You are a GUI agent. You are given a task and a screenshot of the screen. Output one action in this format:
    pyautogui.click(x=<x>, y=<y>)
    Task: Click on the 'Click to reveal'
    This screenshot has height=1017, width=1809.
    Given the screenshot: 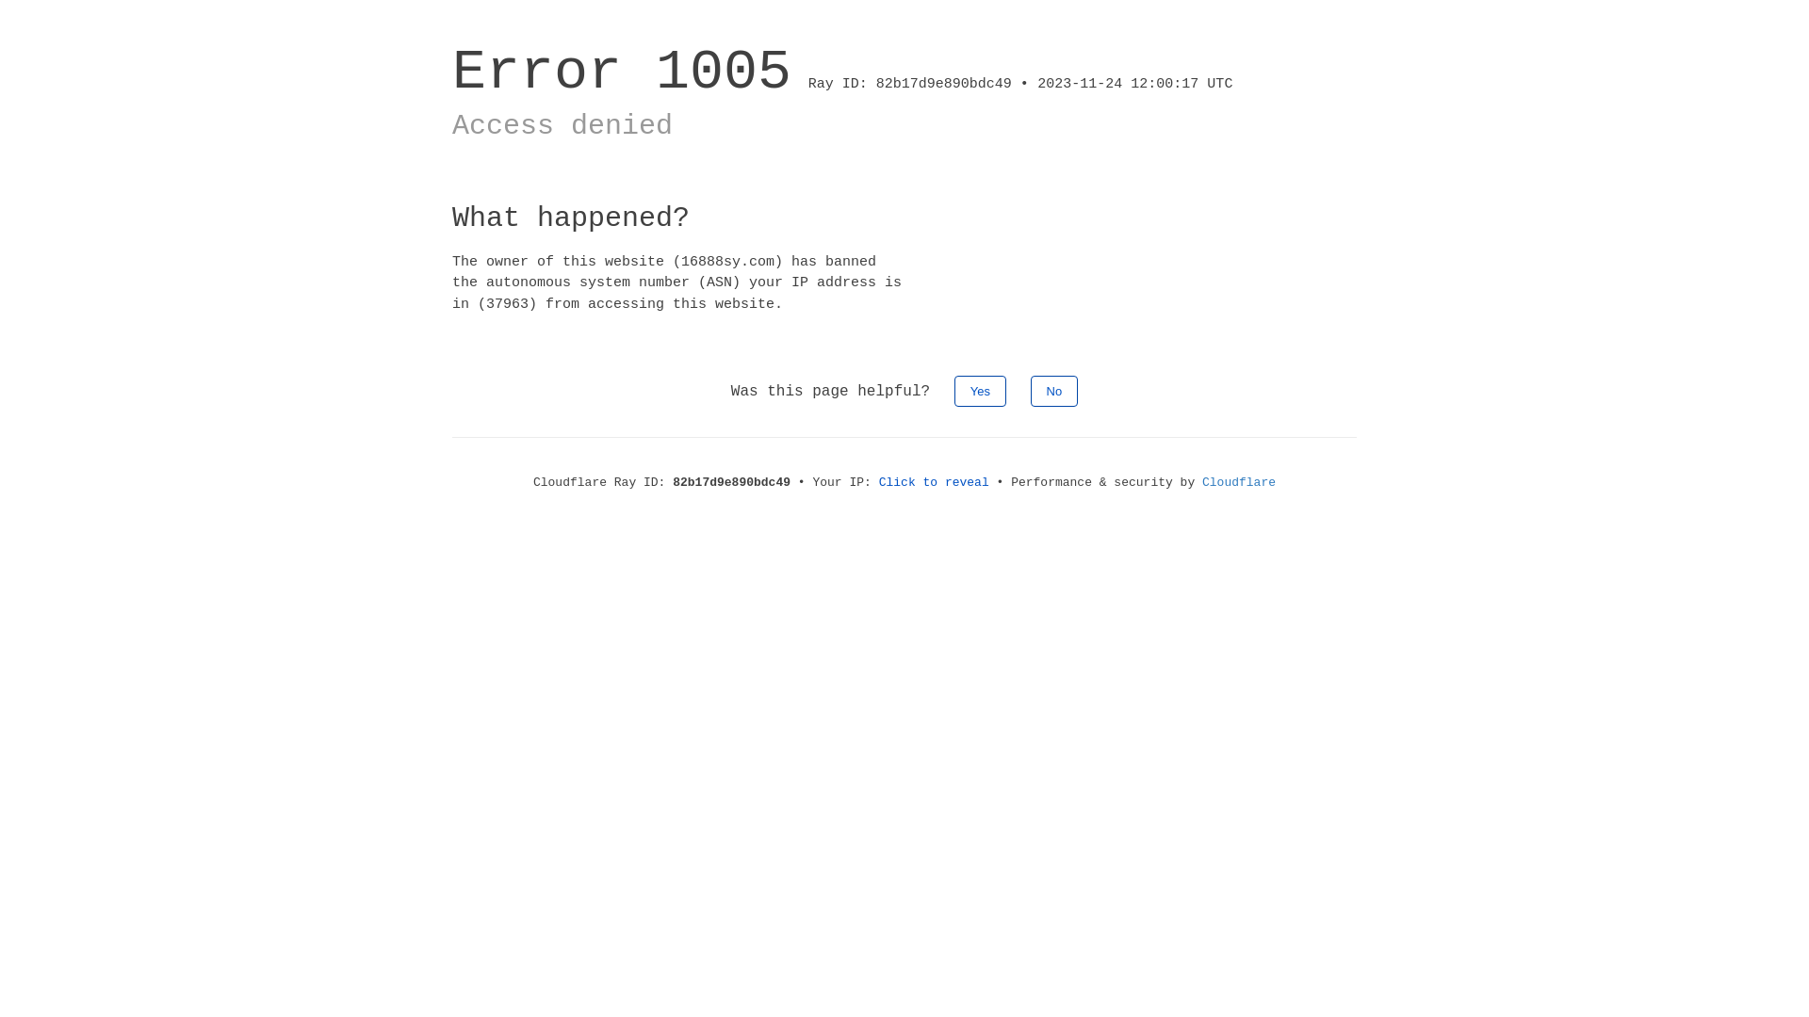 What is the action you would take?
    pyautogui.click(x=934, y=481)
    